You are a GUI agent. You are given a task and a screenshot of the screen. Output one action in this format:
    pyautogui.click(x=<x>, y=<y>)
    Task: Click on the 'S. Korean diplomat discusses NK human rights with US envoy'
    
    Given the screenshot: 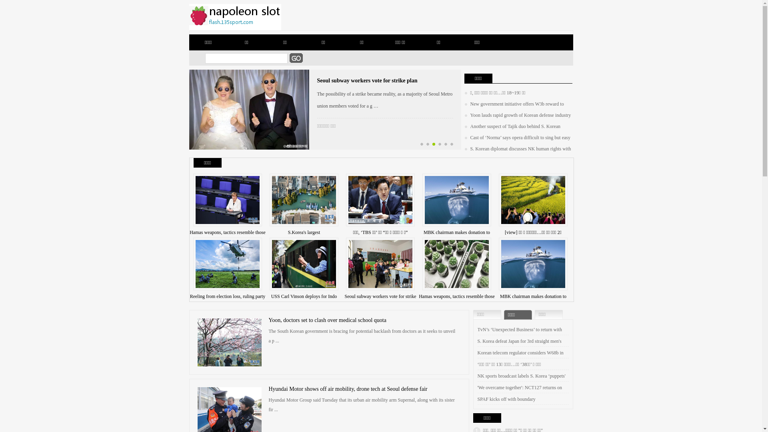 What is the action you would take?
    pyautogui.click(x=464, y=154)
    